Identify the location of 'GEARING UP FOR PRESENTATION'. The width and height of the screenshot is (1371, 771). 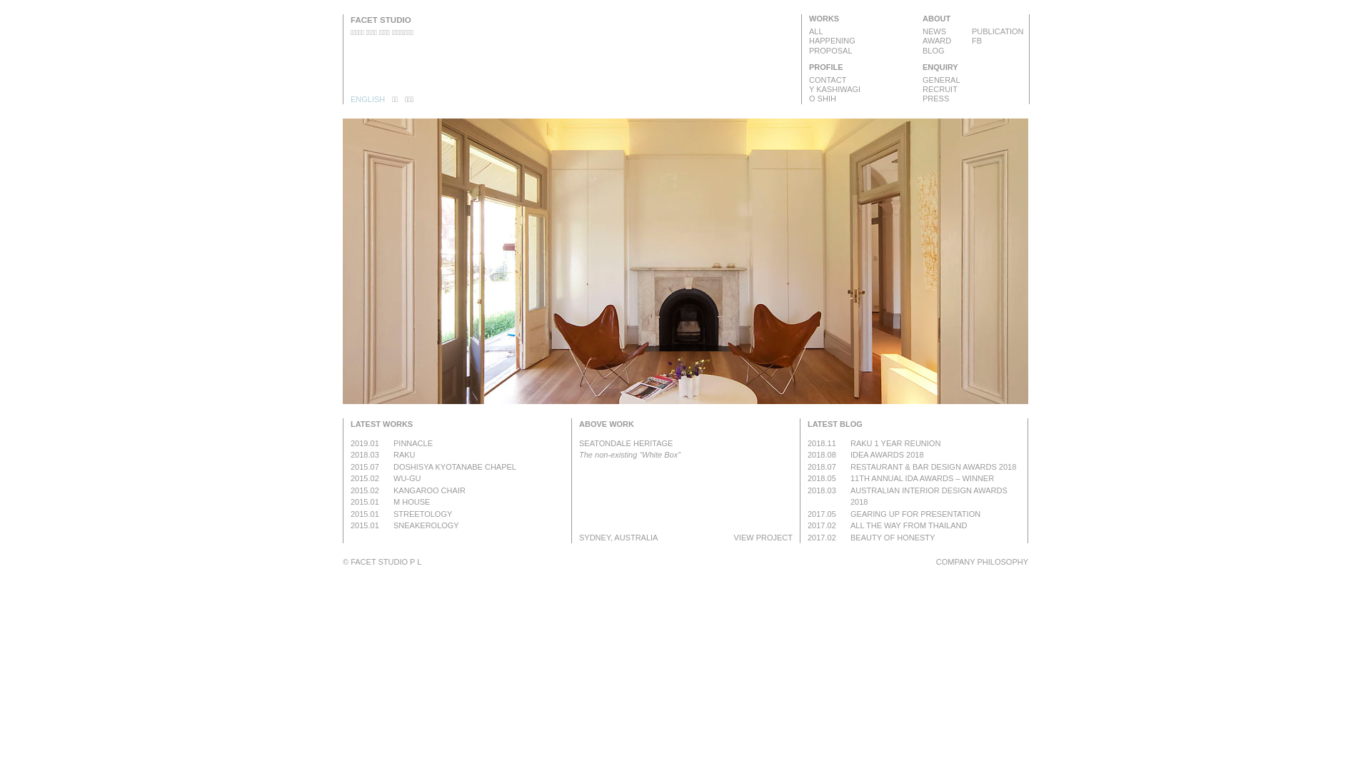
(935, 514).